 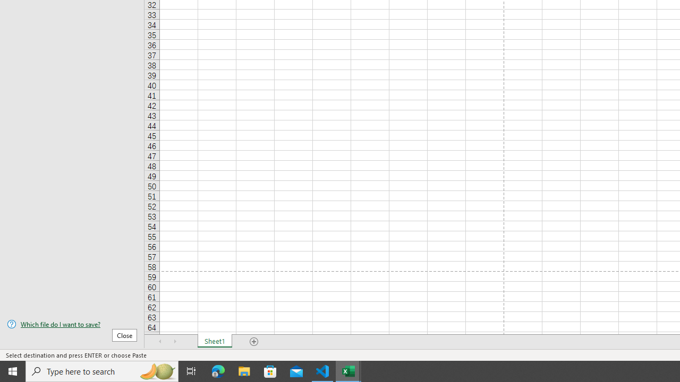 What do you see at coordinates (160, 342) in the screenshot?
I see `'Scroll Left'` at bounding box center [160, 342].